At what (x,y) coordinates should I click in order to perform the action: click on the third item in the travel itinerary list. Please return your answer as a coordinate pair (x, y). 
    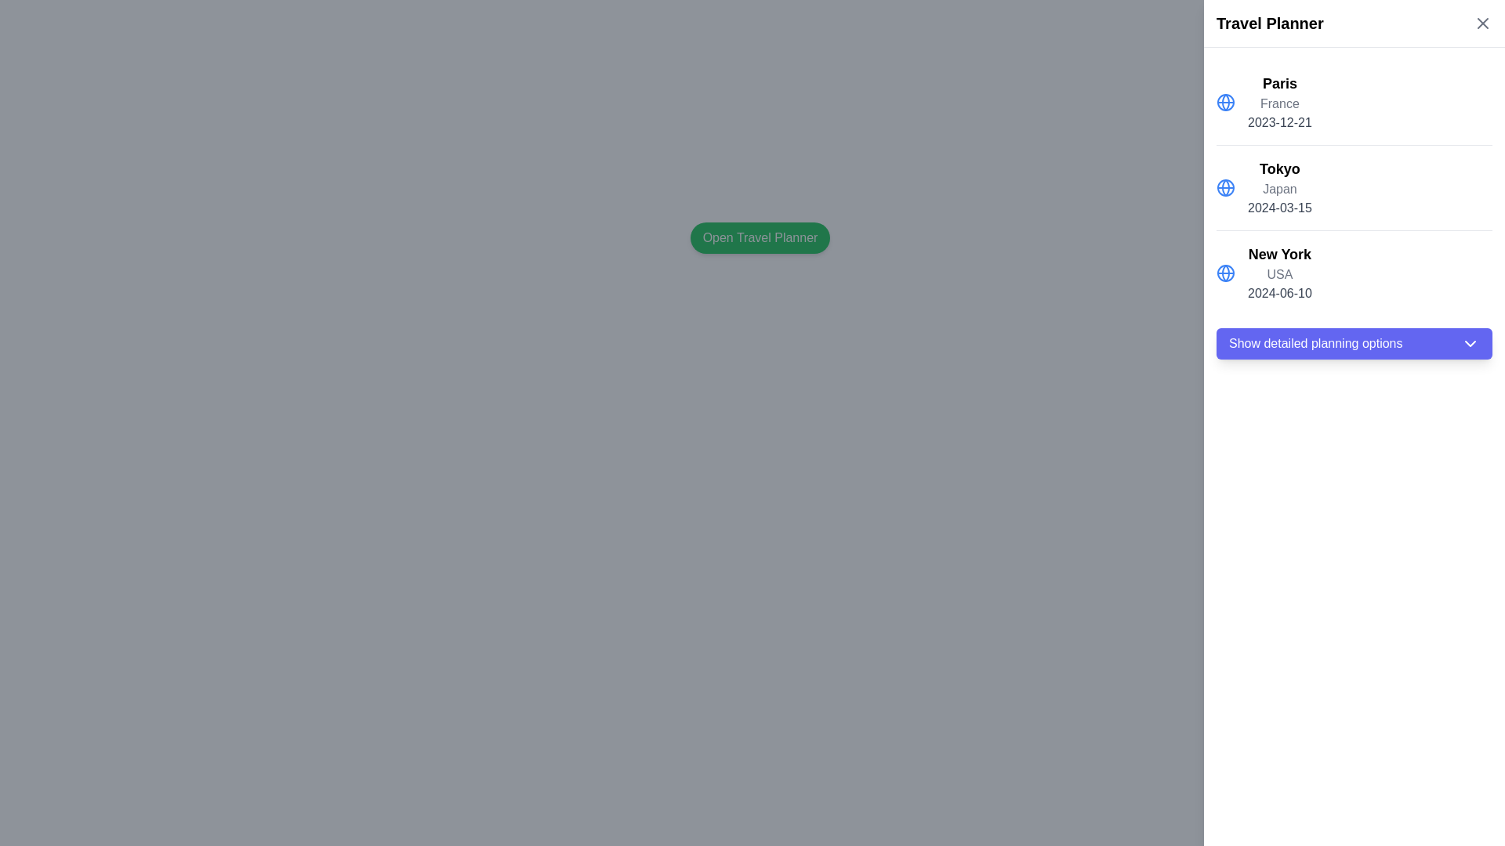
    Looking at the image, I should click on (1354, 272).